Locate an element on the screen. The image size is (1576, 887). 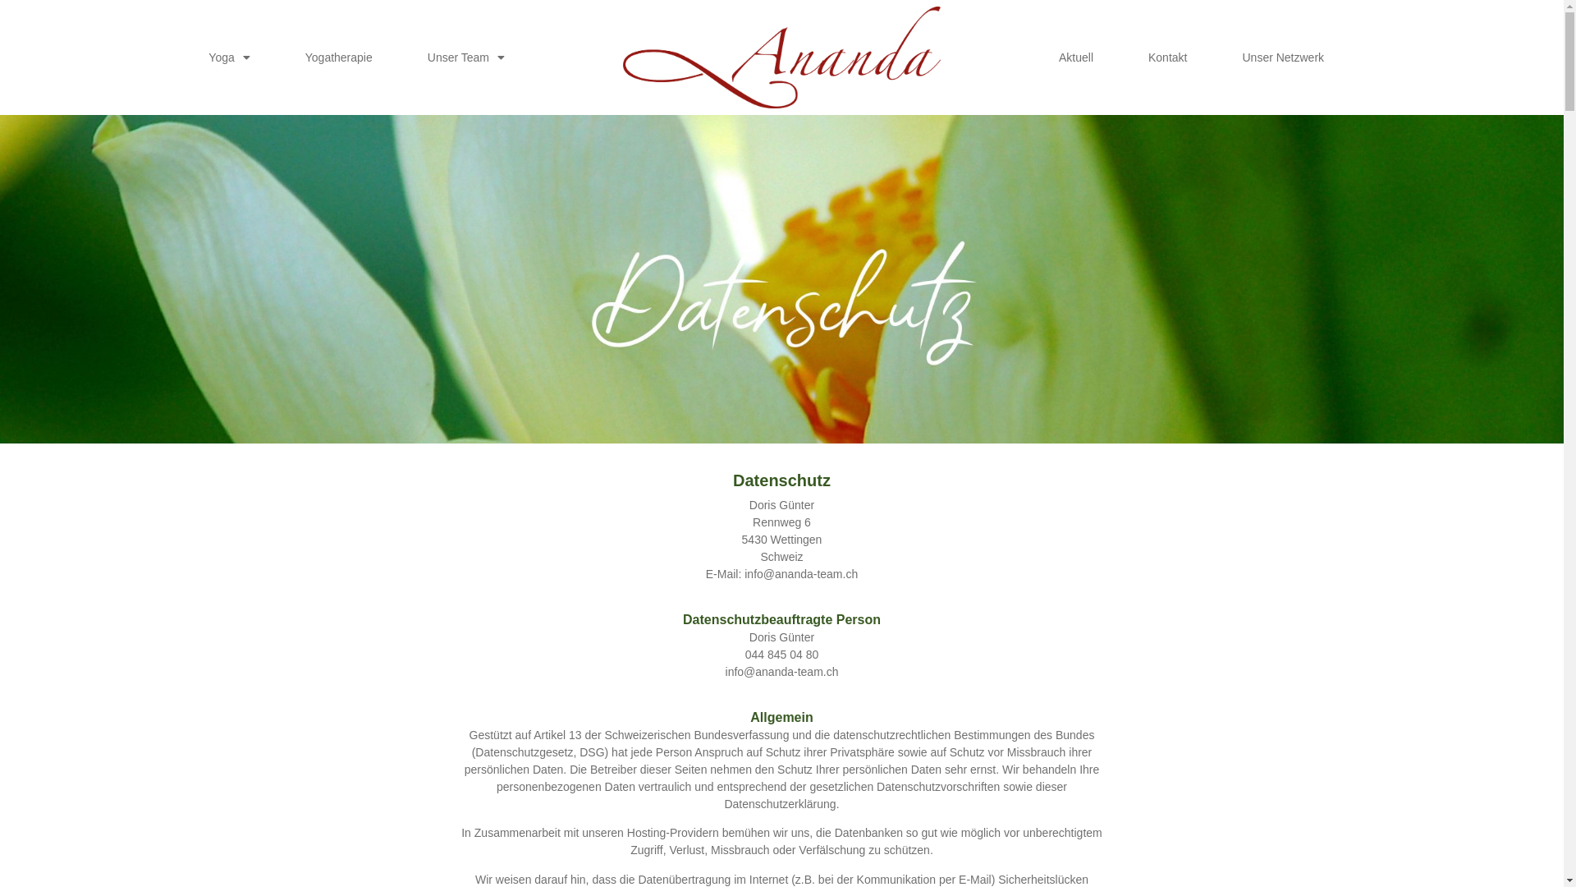
'Unser Netzwerk' is located at coordinates (1282, 56).